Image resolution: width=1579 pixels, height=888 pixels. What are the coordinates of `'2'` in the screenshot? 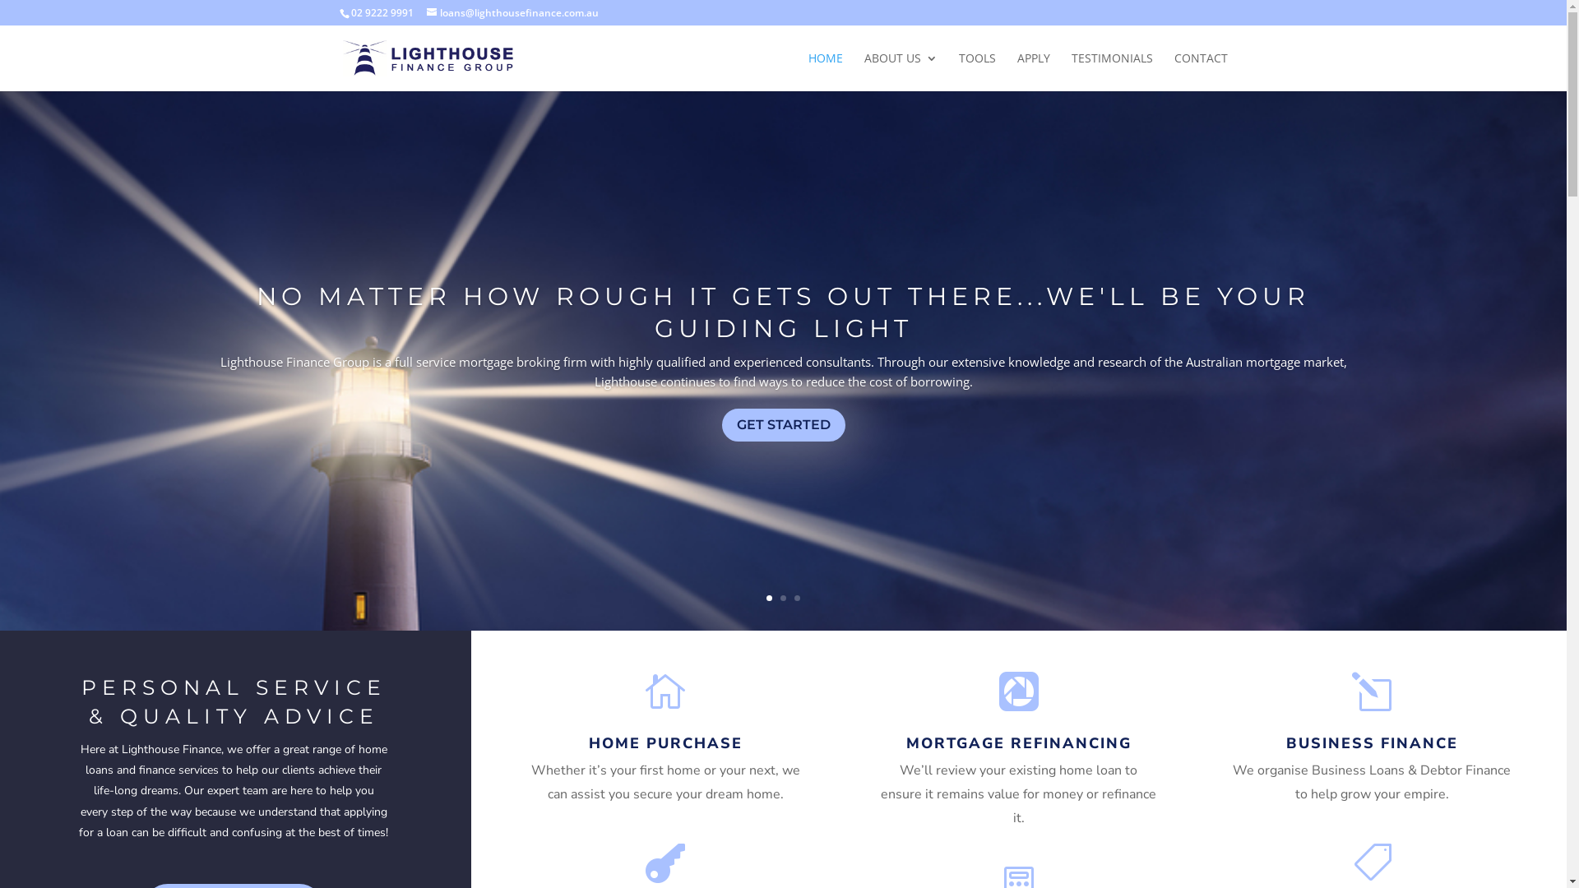 It's located at (782, 598).